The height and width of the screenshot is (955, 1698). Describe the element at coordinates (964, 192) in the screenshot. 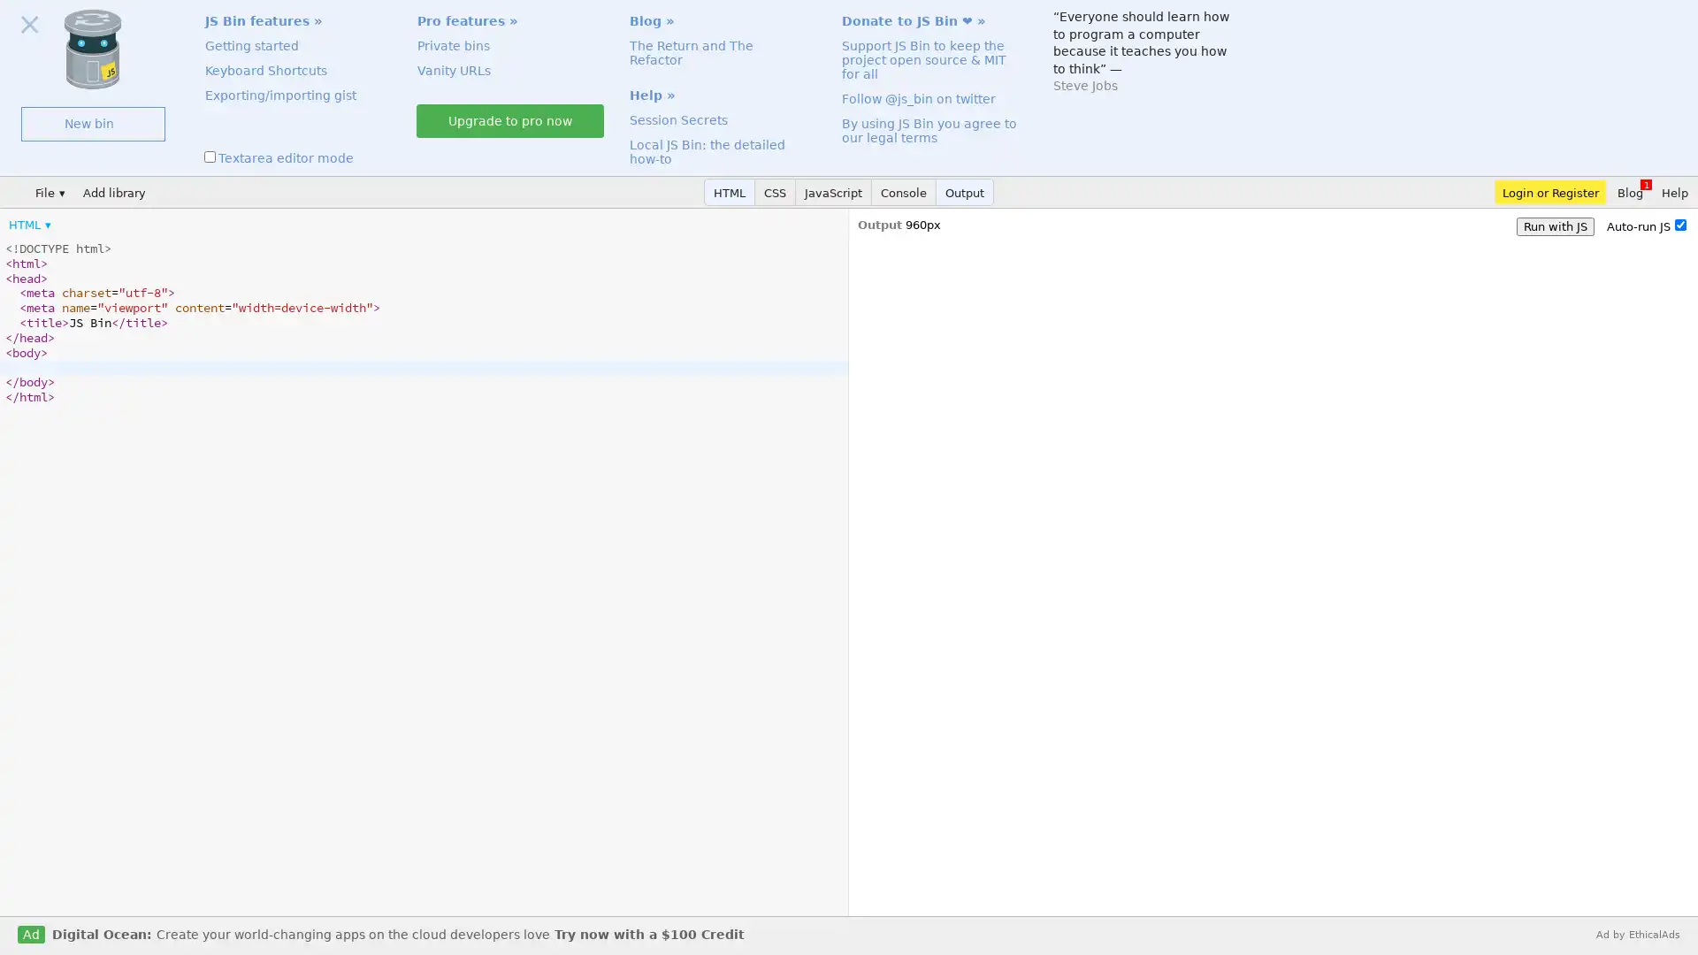

I see `Output Panel: Active` at that location.